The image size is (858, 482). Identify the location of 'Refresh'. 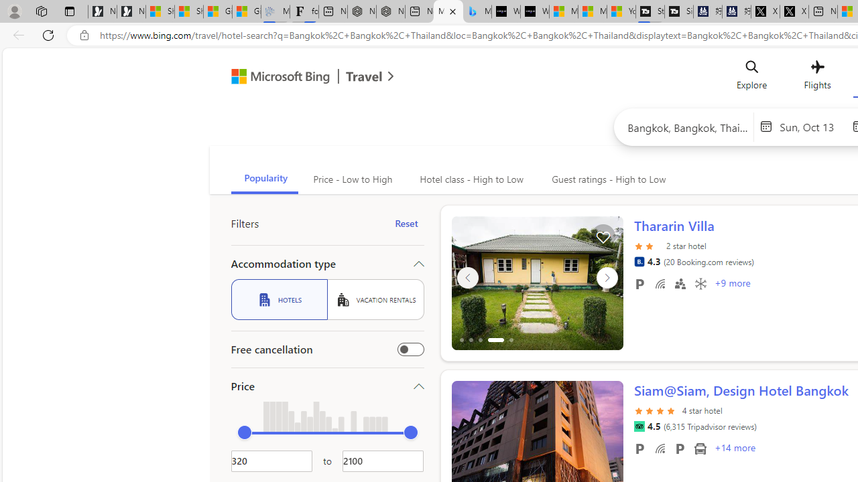
(48, 34).